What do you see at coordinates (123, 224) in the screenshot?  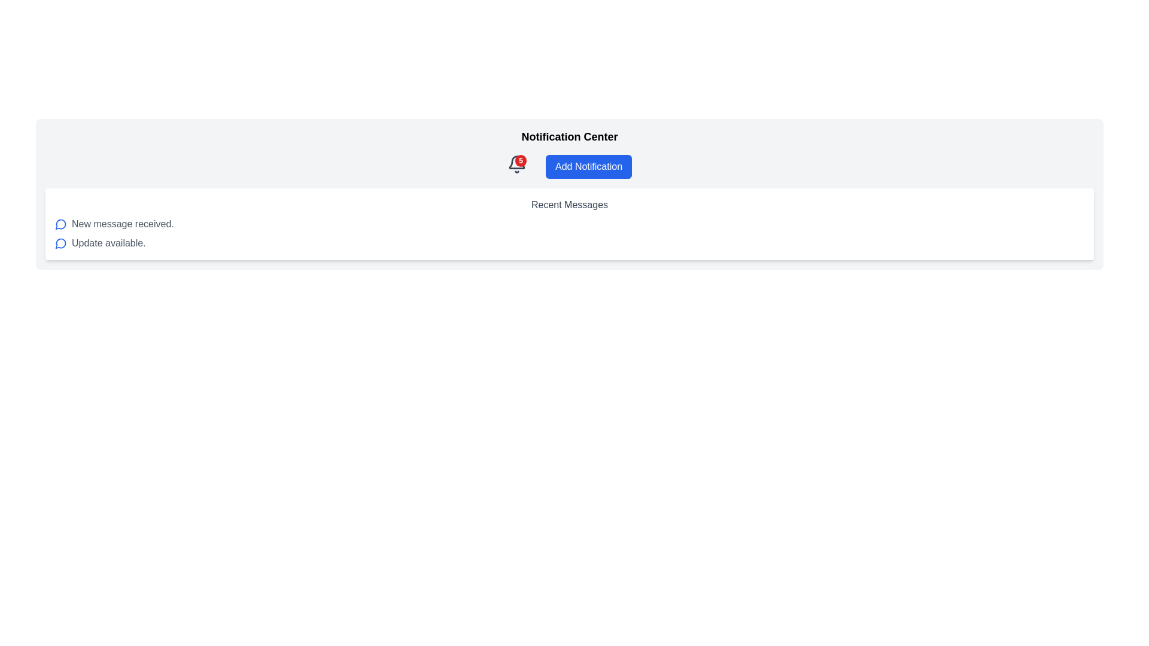 I see `the static message indicator for newly received messages located under the 'Recent Messages' header, positioned above 'Update available' and aligned with a blue speech bubble icon` at bounding box center [123, 224].